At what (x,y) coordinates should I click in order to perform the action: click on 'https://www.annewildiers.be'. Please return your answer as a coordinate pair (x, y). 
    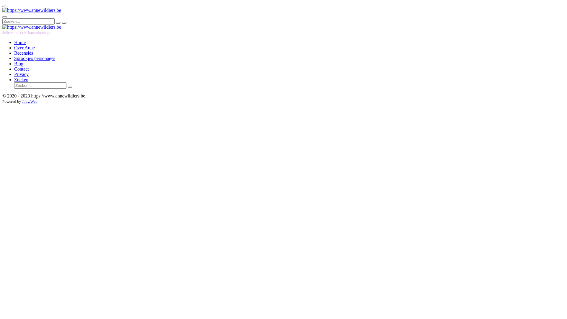
    Looking at the image, I should click on (31, 10).